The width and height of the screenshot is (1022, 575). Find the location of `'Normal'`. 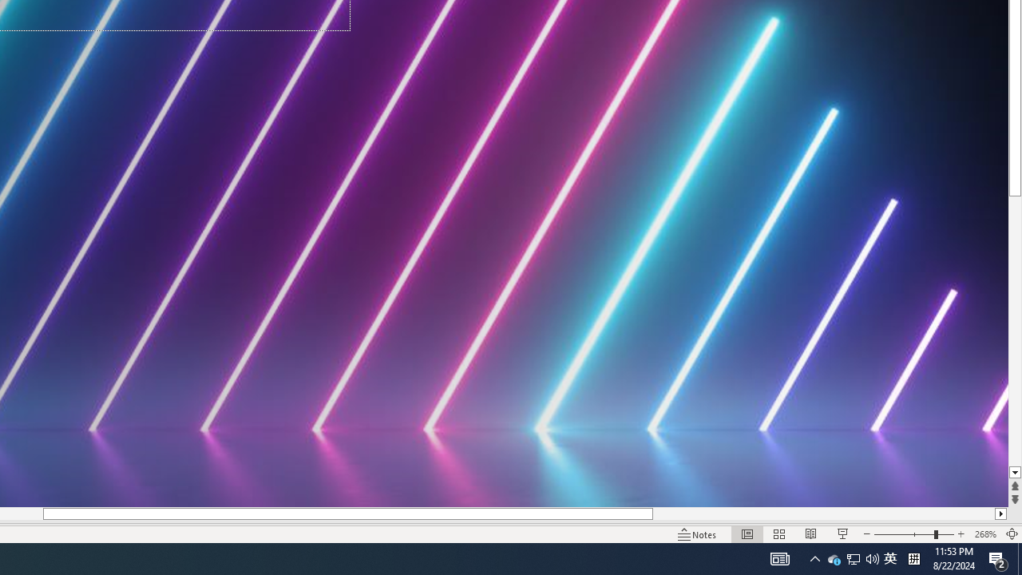

'Normal' is located at coordinates (747, 534).